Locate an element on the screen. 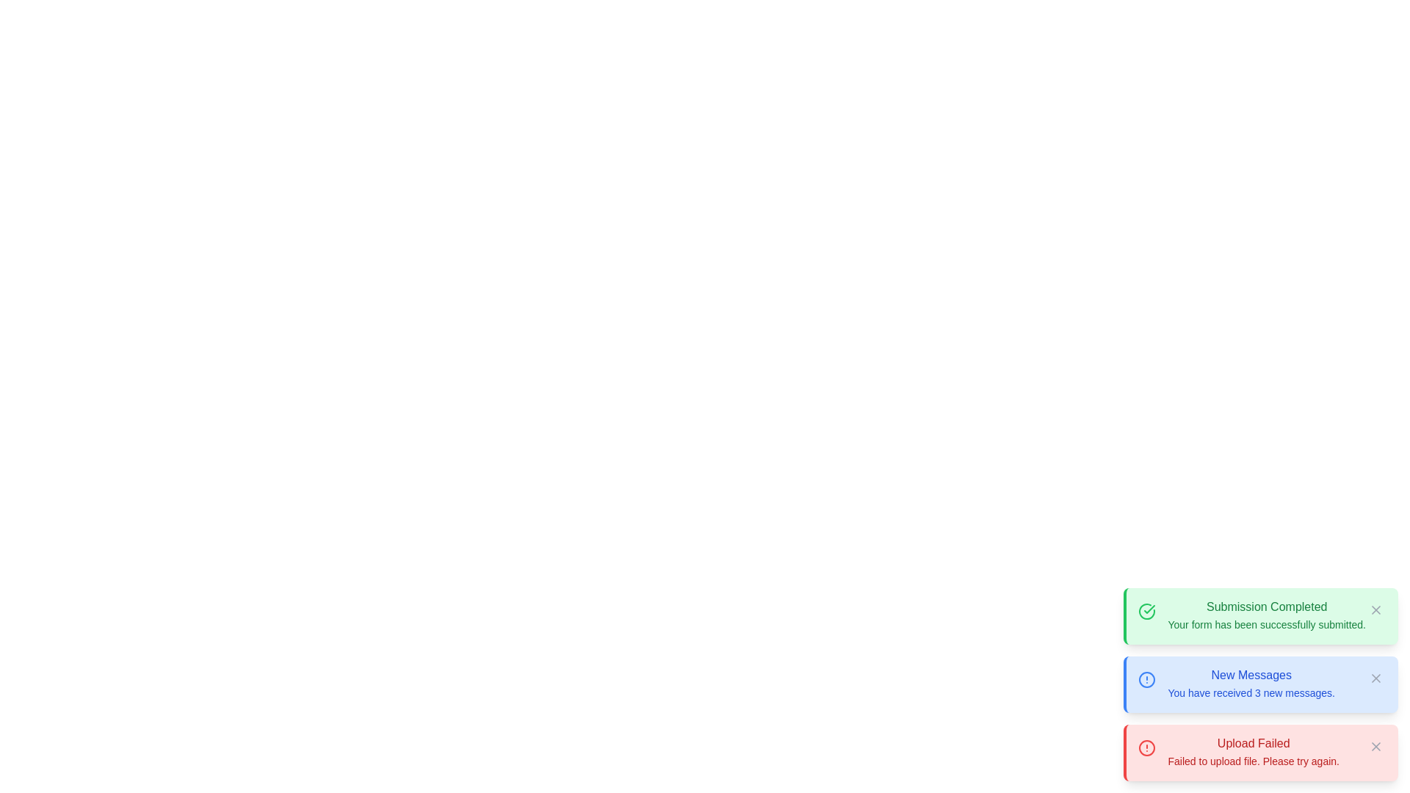 The height and width of the screenshot is (793, 1410). the Text Label that displays the error notification for a failed upload attempt, located at the bottom of the notification stack is located at coordinates (1253, 744).